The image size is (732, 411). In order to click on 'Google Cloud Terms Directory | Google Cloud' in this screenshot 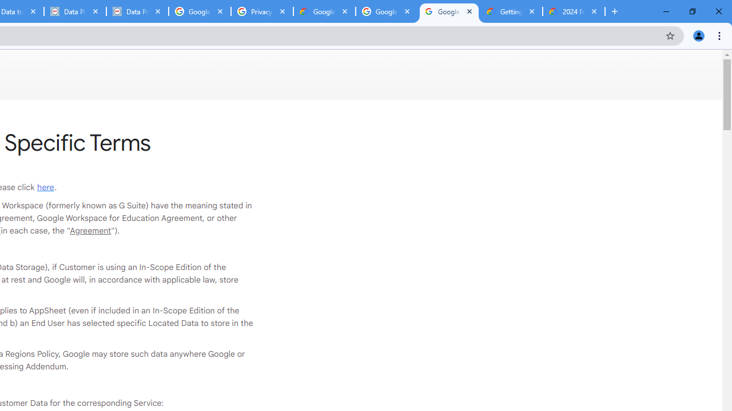, I will do `click(324, 11)`.